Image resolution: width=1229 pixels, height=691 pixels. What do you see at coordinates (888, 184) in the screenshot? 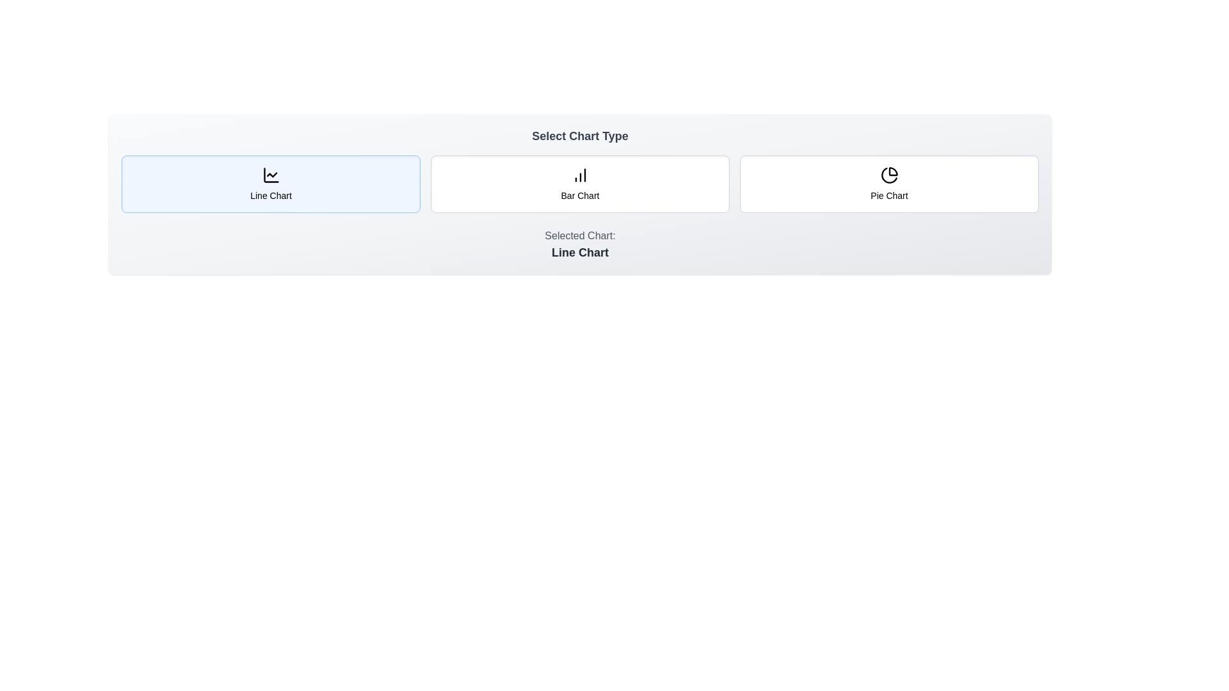
I see `the chart type Pie Chart by clicking on its corresponding button` at bounding box center [888, 184].